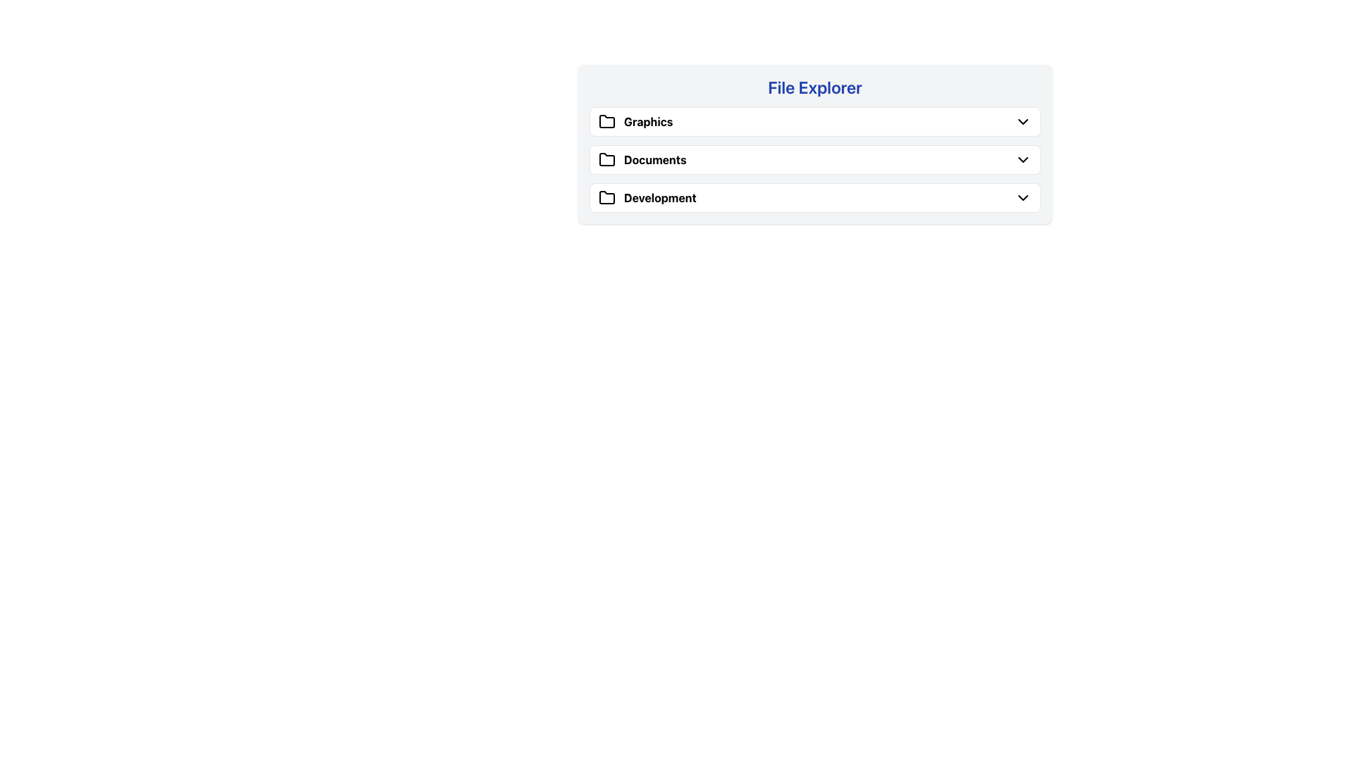  Describe the element at coordinates (654, 159) in the screenshot. I see `the 'Documents' text label, which is the second label` at that location.